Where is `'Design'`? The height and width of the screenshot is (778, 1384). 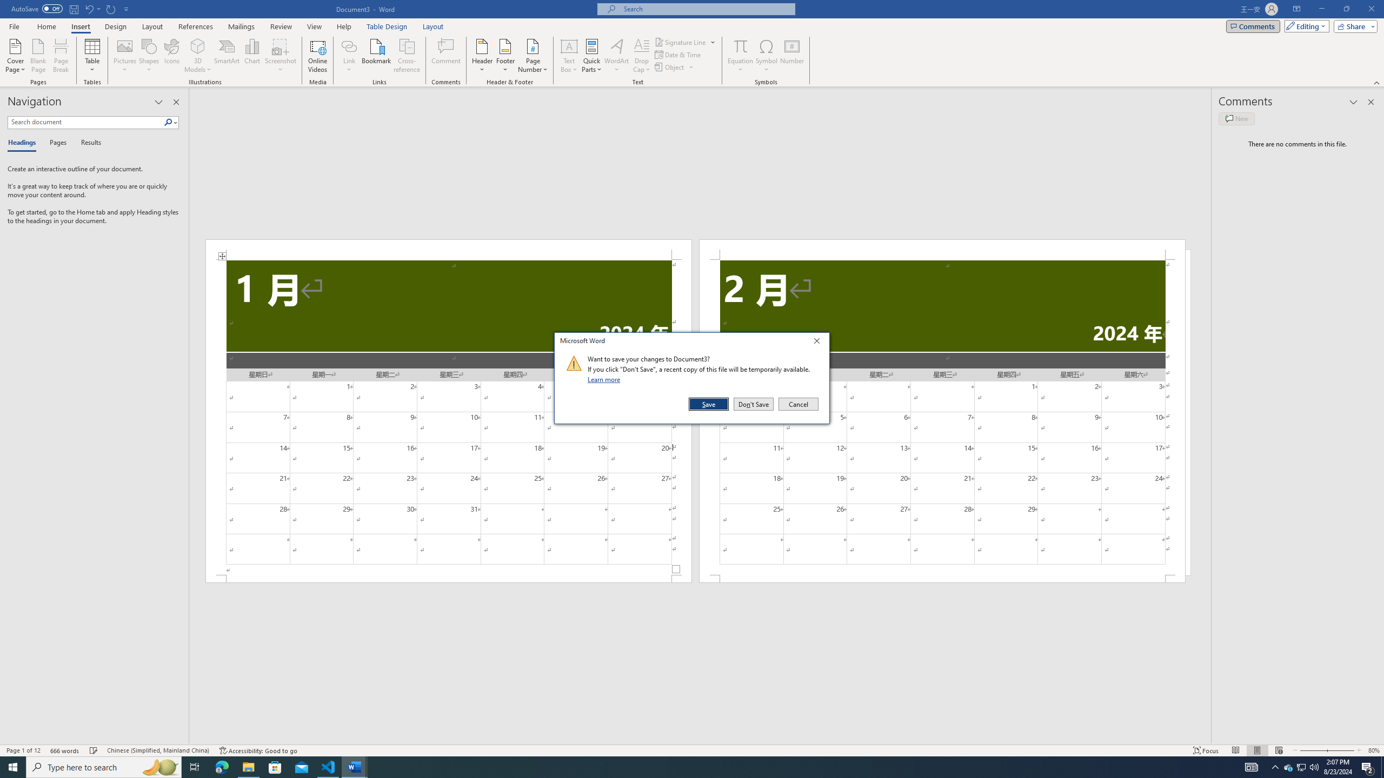
'Design' is located at coordinates (116, 26).